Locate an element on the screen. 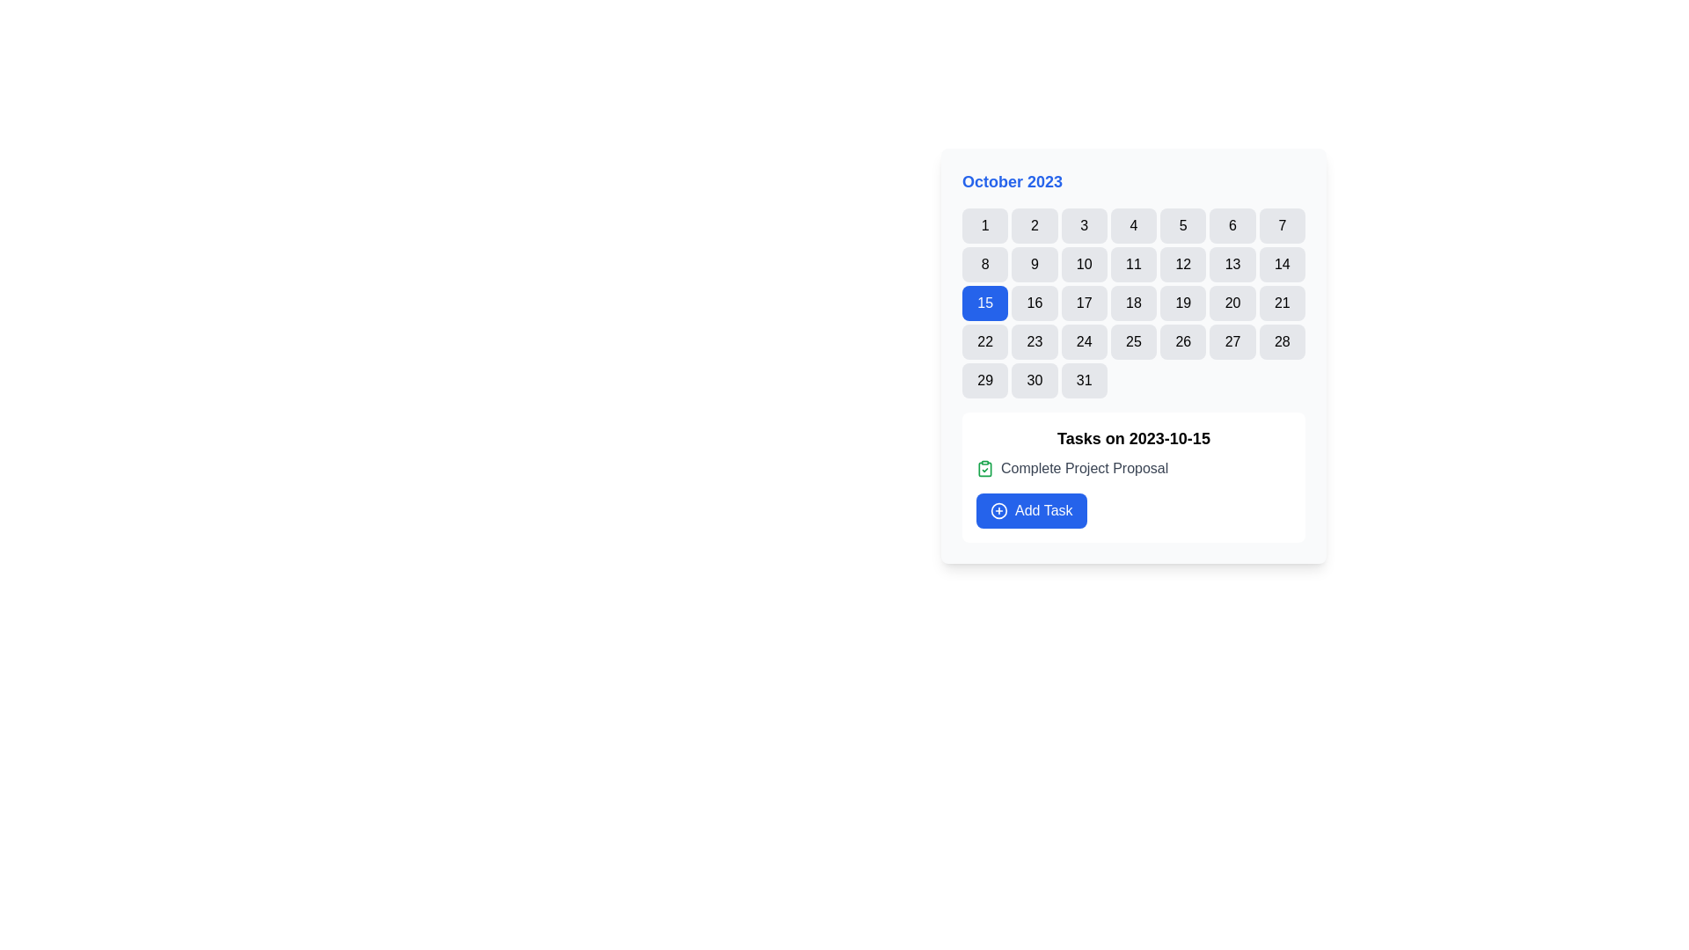  the button representing the 29th day in the calendar is located at coordinates (985, 379).